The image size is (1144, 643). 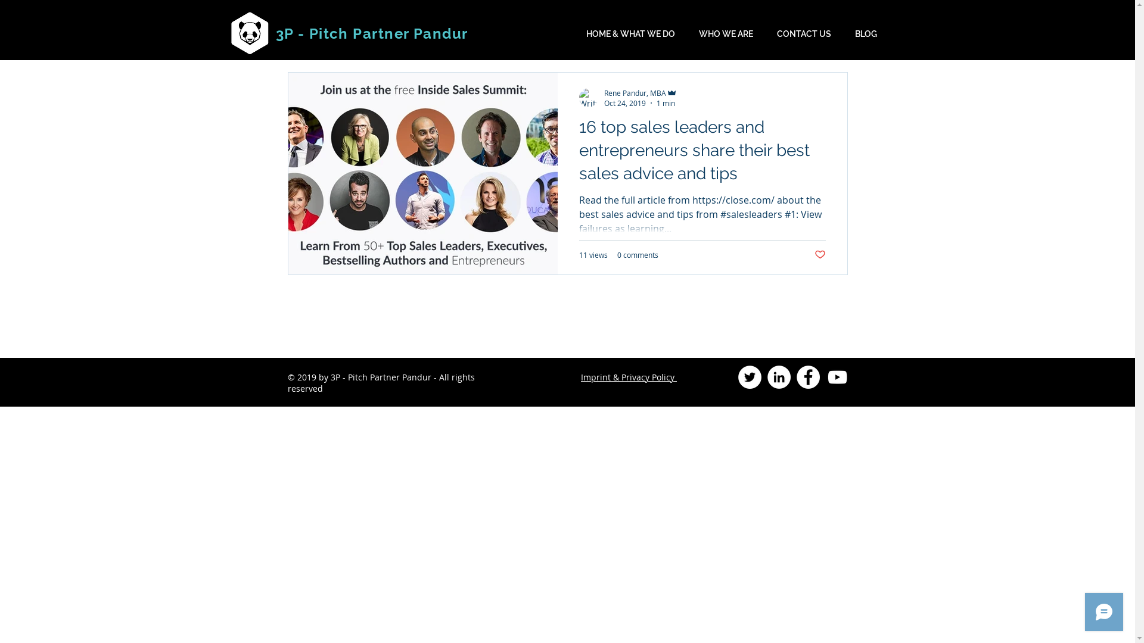 I want to click on 'HOME & WHAT WE DO', so click(x=630, y=33).